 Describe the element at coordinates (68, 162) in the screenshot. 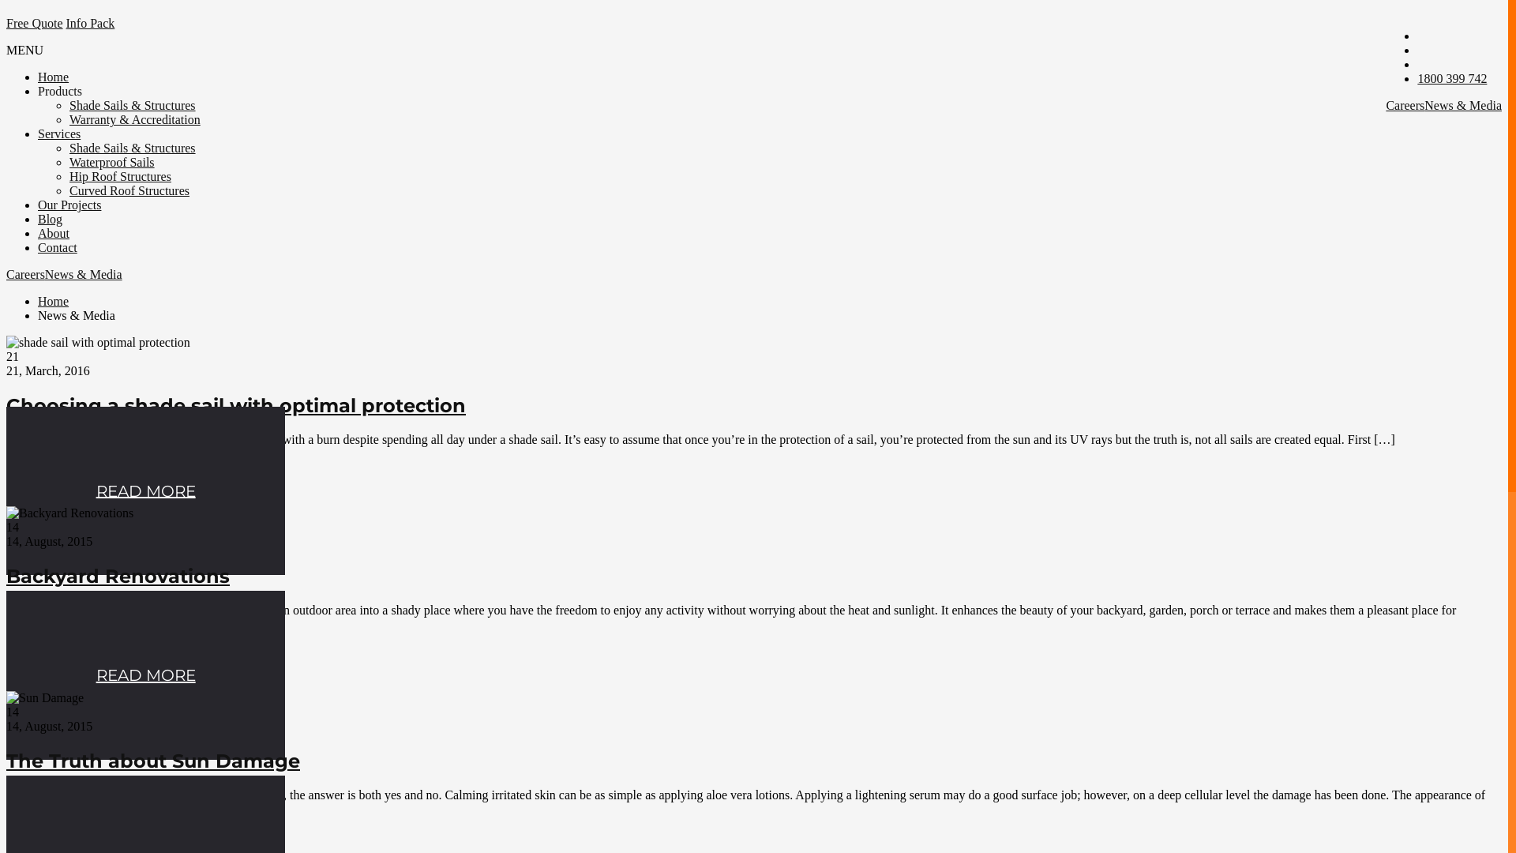

I see `'Waterproof Sails'` at that location.